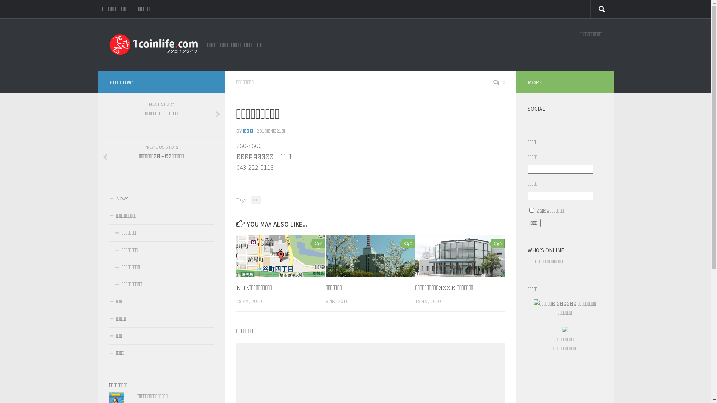 This screenshot has height=403, width=717. What do you see at coordinates (499, 82) in the screenshot?
I see `'0'` at bounding box center [499, 82].